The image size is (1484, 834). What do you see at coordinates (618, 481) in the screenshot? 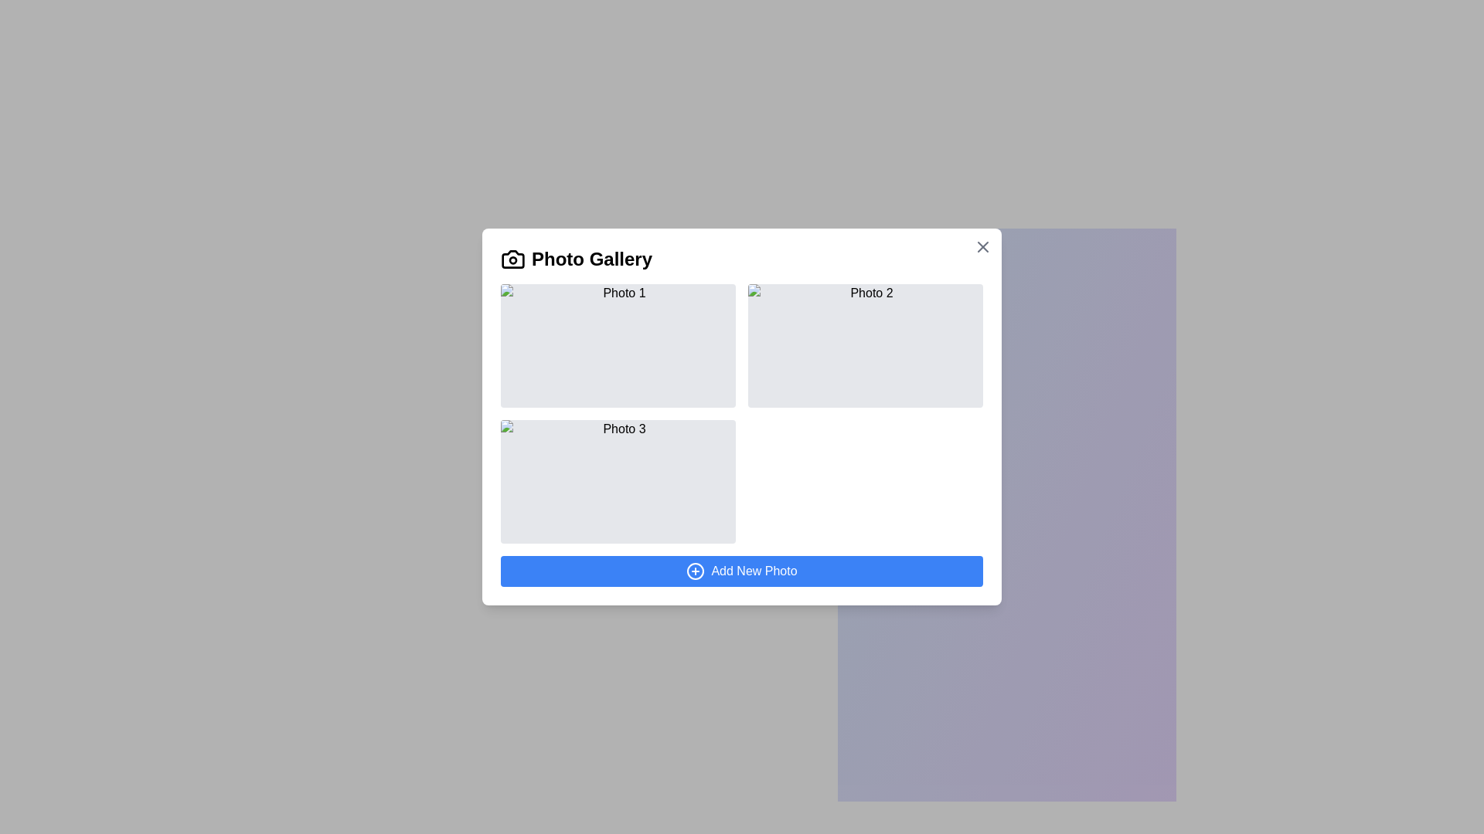
I see `the image tile labeled 'Photo 3' located in the bottom left cell of the photo gallery grid` at bounding box center [618, 481].